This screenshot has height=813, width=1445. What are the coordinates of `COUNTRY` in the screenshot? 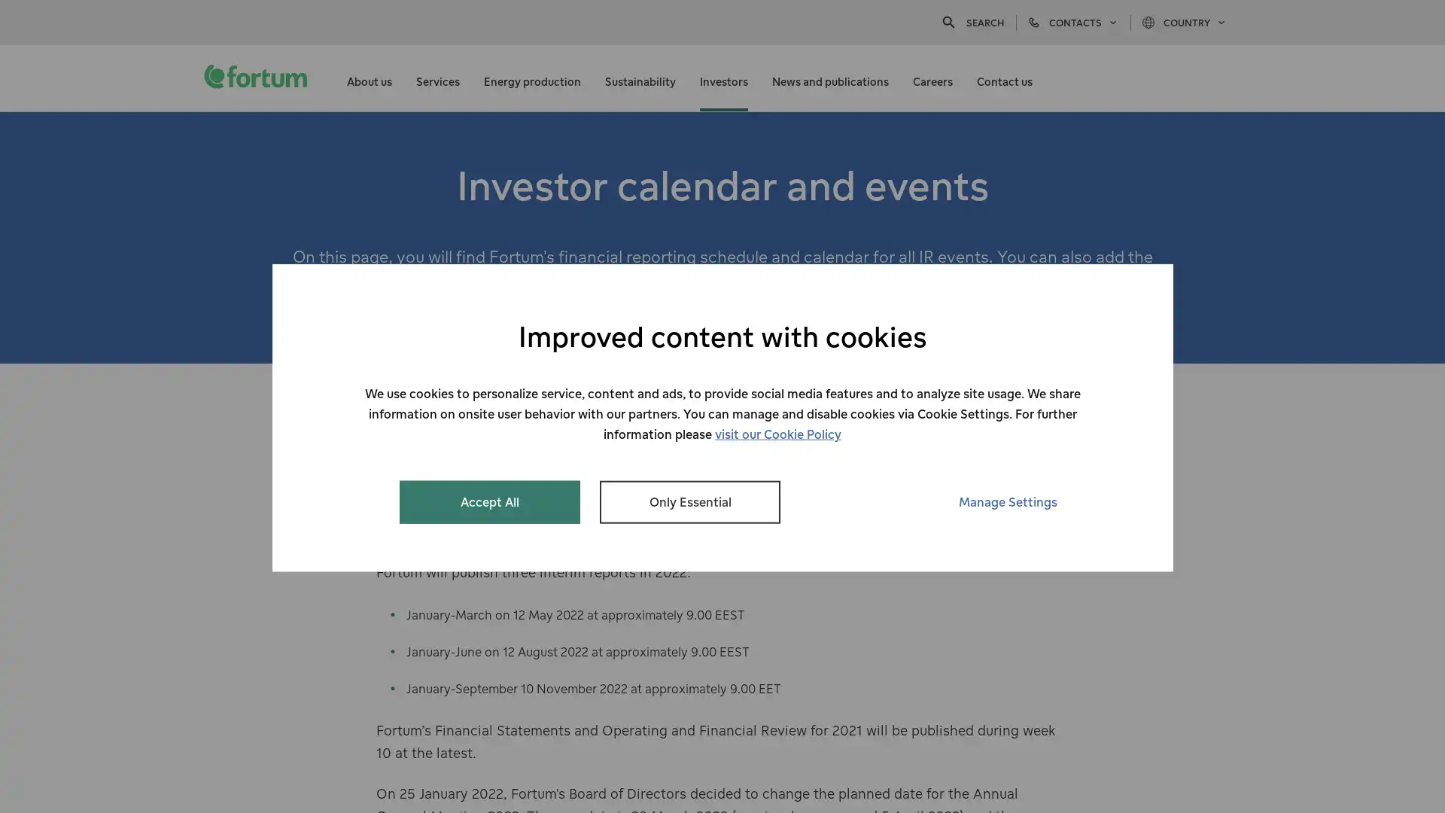 It's located at (1184, 22).